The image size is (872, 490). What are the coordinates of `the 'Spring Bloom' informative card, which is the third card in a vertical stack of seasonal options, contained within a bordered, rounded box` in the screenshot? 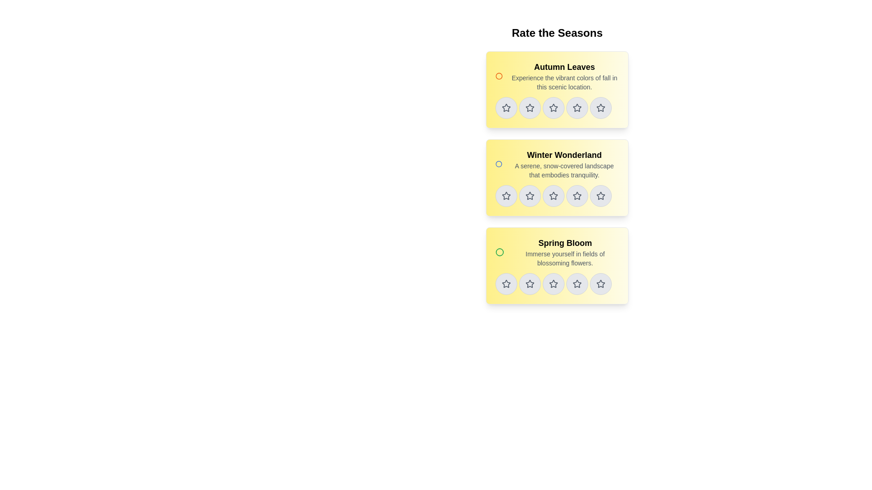 It's located at (557, 252).